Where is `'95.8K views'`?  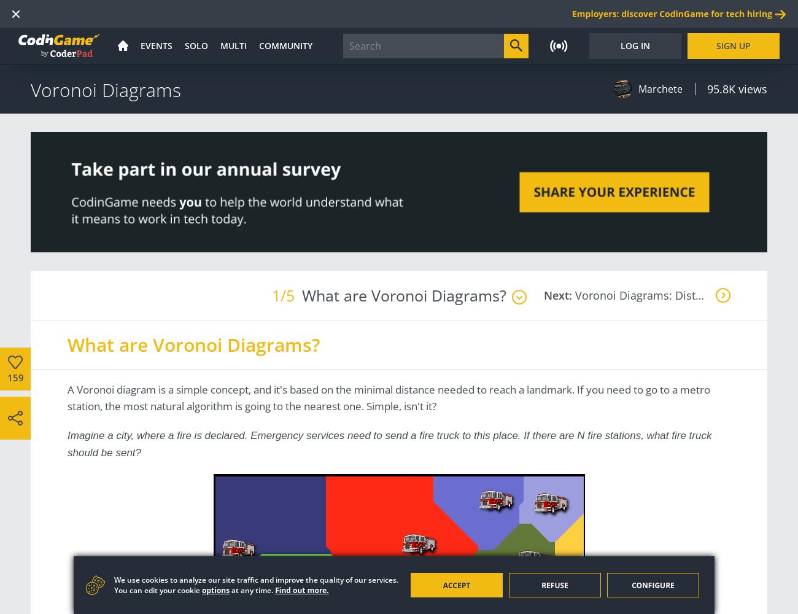 '95.8K views' is located at coordinates (736, 89).